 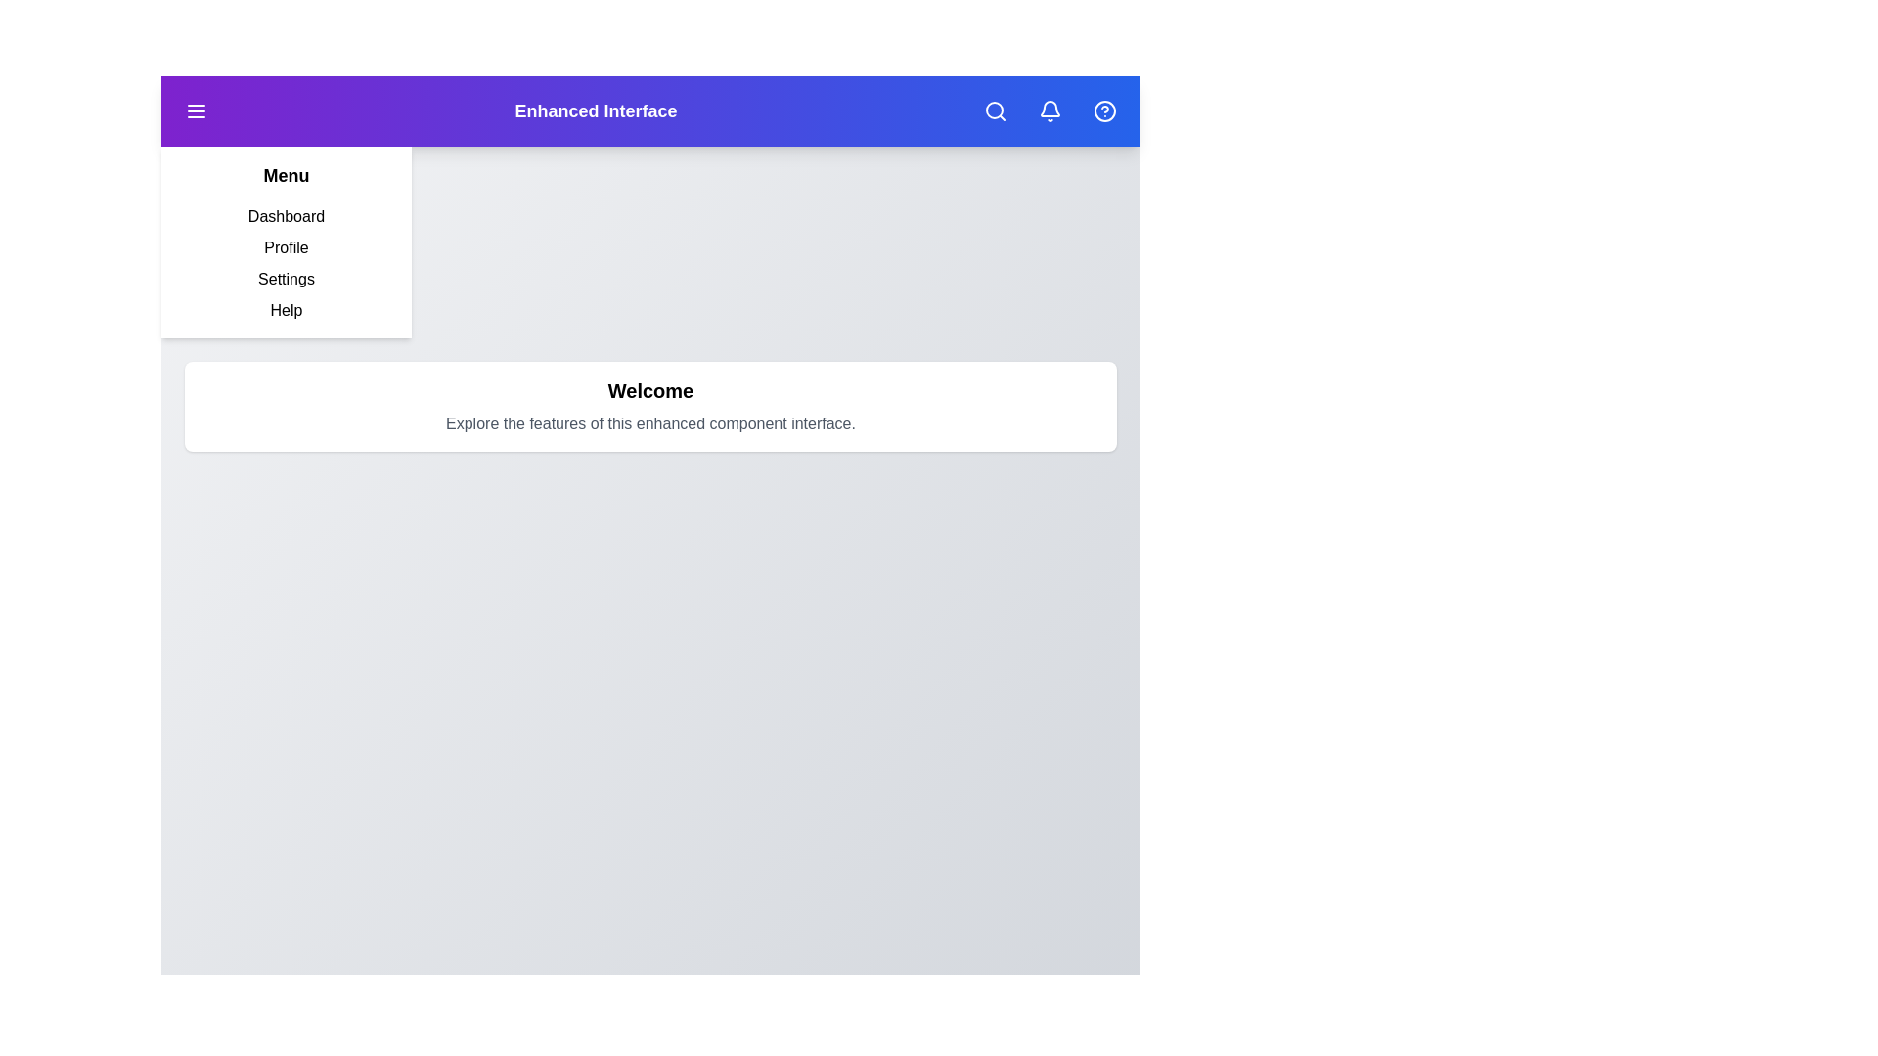 I want to click on the search button located in the top-right corner of the app bar, so click(x=995, y=111).